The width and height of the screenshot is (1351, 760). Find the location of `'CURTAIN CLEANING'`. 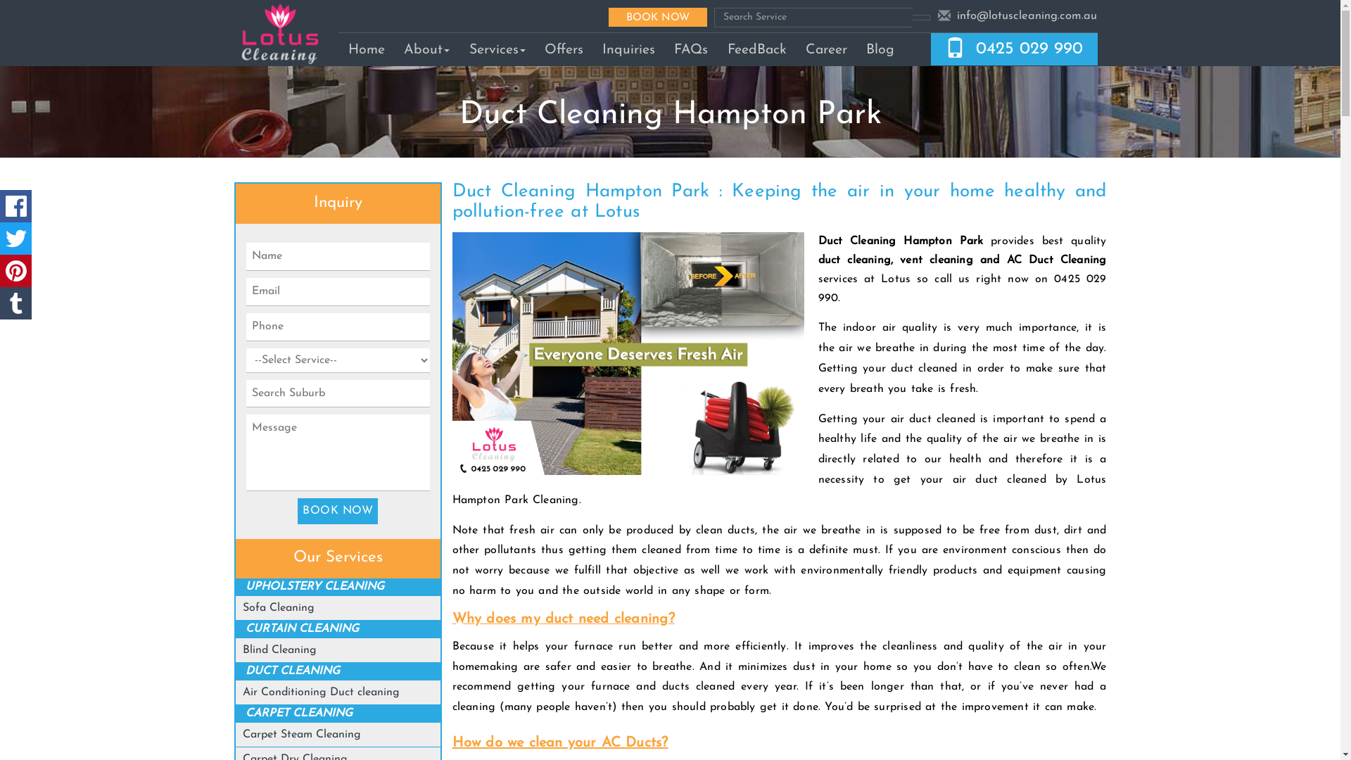

'CURTAIN CLEANING' is located at coordinates (301, 628).